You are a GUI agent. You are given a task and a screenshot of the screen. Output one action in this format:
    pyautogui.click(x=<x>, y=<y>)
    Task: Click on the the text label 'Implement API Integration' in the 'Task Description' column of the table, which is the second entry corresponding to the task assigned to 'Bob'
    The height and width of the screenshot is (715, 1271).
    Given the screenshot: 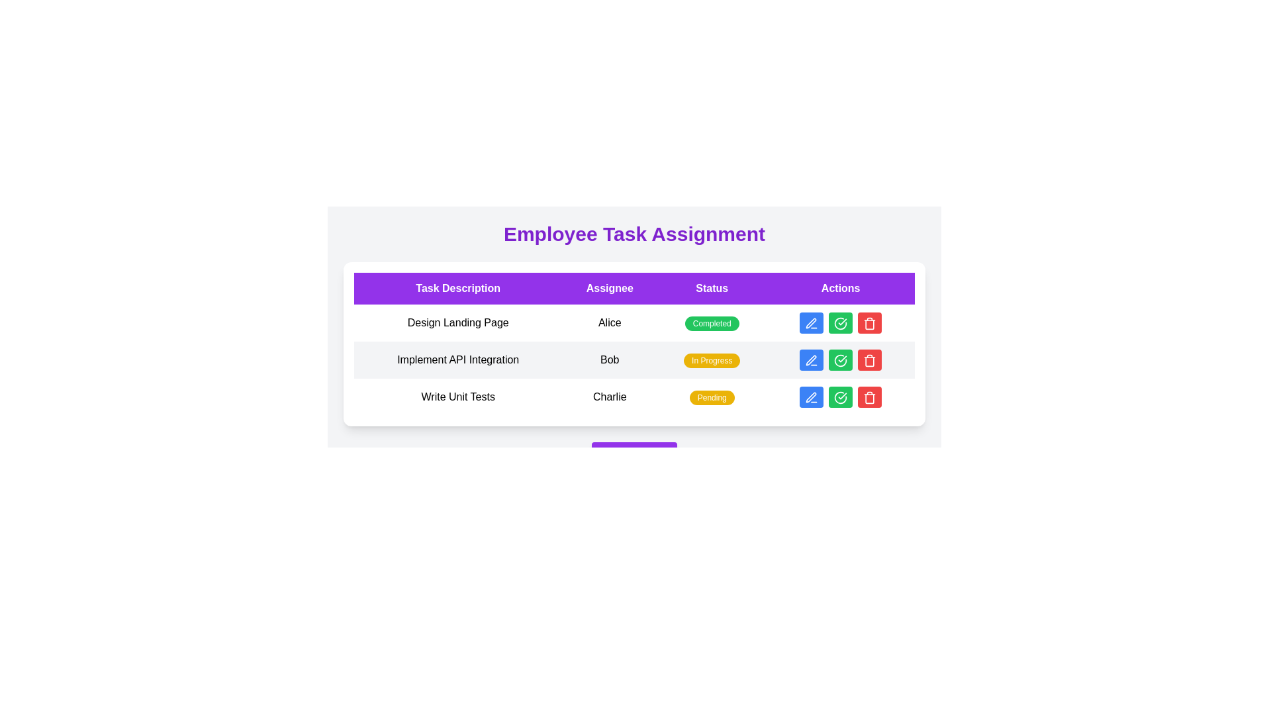 What is the action you would take?
    pyautogui.click(x=458, y=359)
    